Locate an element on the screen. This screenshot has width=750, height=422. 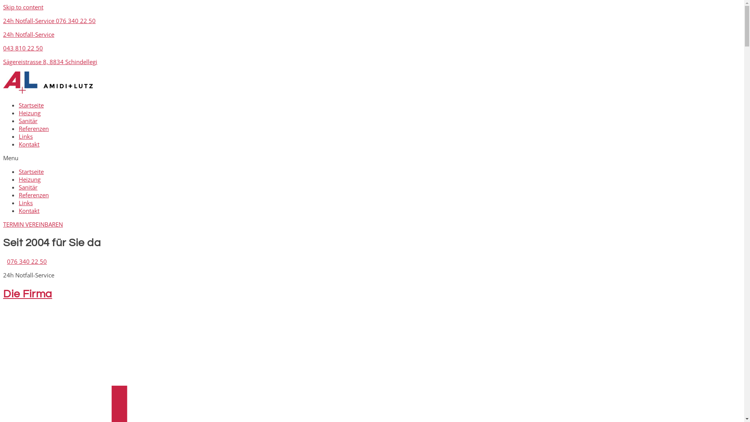
'24h Notfall-Service 076 340 22 50' is located at coordinates (49, 20).